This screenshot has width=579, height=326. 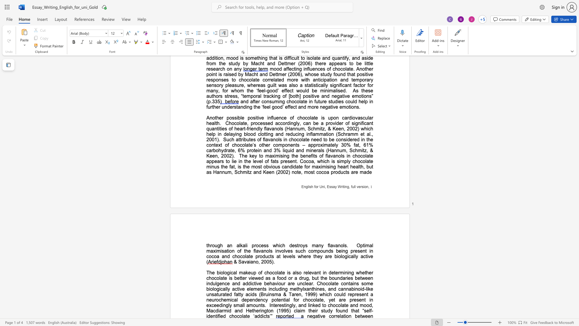 What do you see at coordinates (345, 245) in the screenshot?
I see `the space between the continuous character "l" and "s" in the text` at bounding box center [345, 245].